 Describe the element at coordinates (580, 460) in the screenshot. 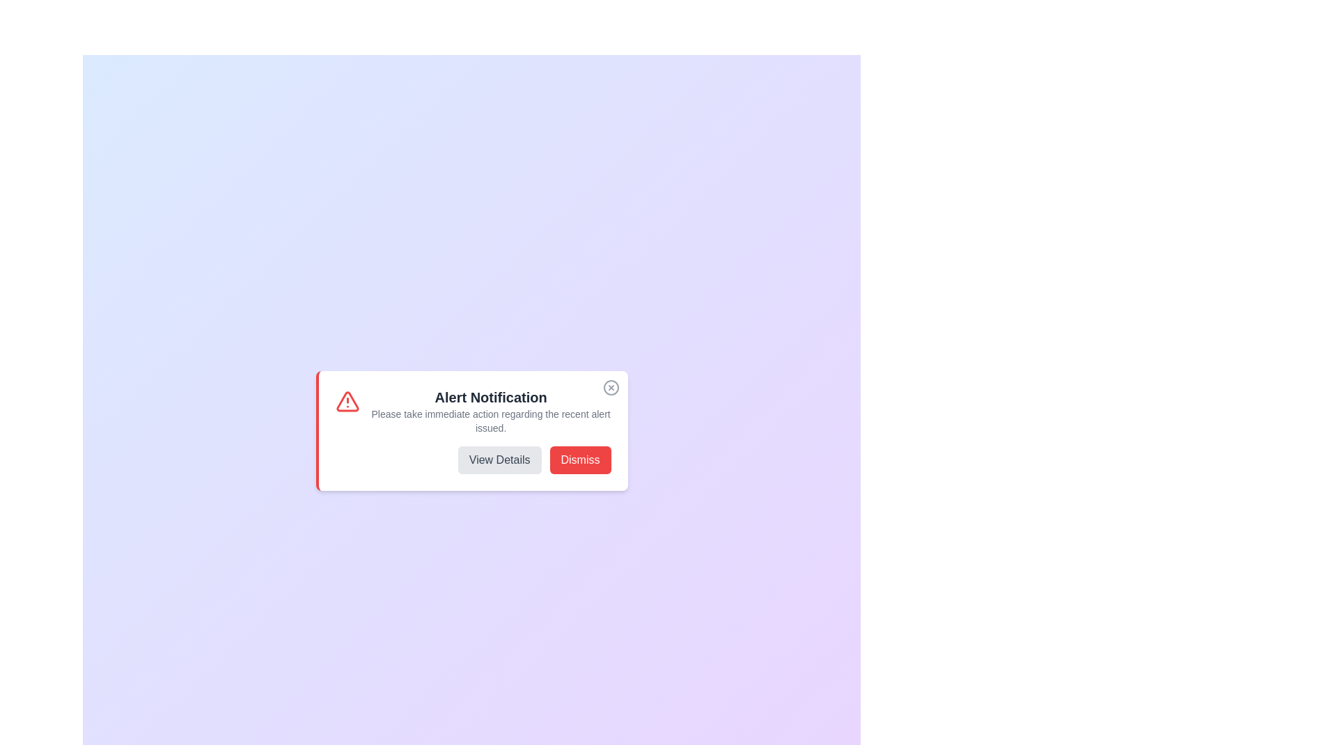

I see `the 'Dismiss' button to close the alert box` at that location.